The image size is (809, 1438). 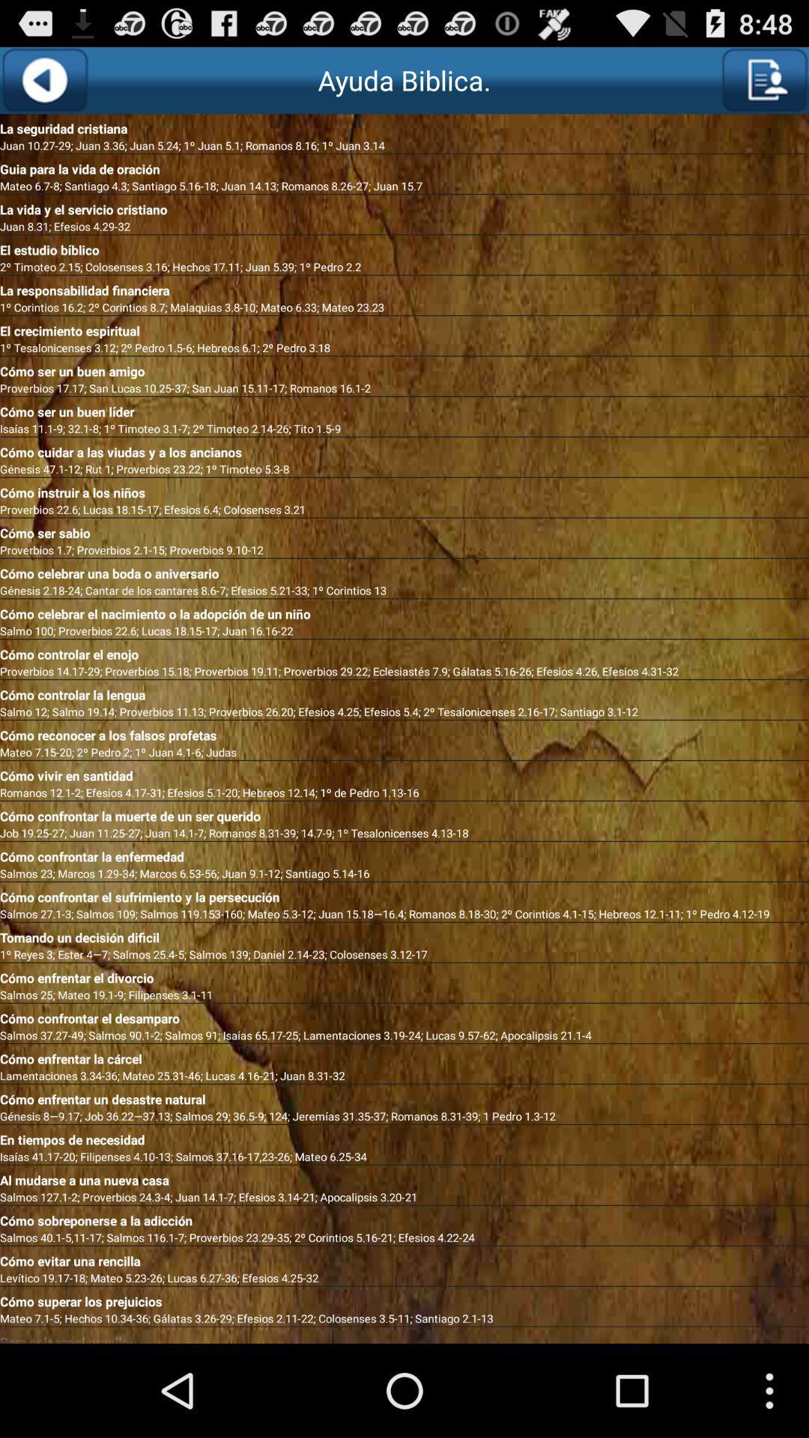 I want to click on the icon above lamentaciones 3 34 icon, so click(x=404, y=1055).